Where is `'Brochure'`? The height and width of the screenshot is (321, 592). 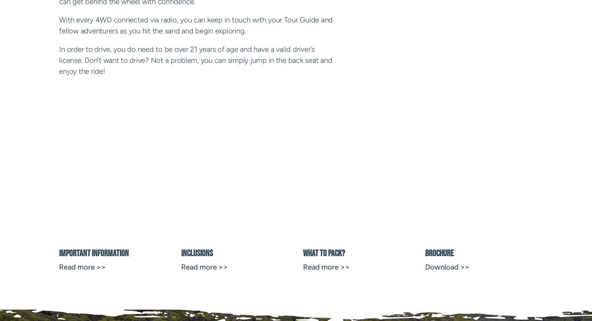
'Brochure' is located at coordinates (438, 253).